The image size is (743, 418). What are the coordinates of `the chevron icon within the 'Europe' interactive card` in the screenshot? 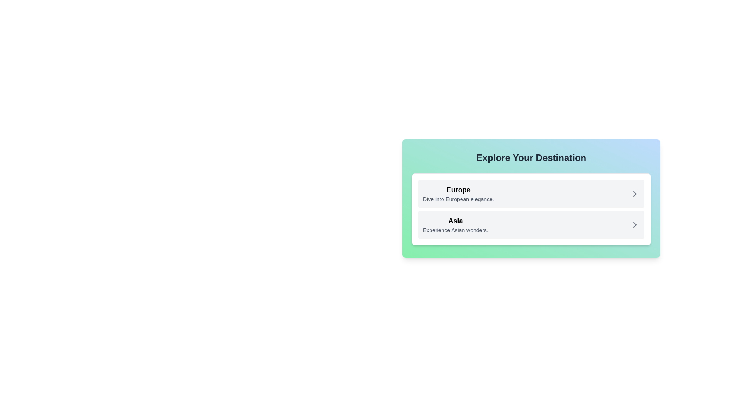 It's located at (635, 194).